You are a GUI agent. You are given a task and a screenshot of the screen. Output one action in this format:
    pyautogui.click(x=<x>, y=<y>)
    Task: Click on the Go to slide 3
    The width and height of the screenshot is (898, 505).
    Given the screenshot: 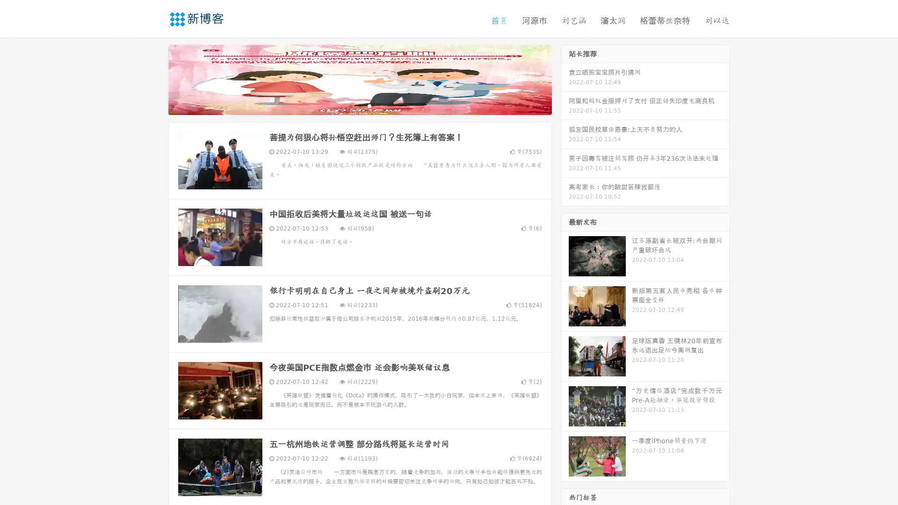 What is the action you would take?
    pyautogui.click(x=369, y=105)
    